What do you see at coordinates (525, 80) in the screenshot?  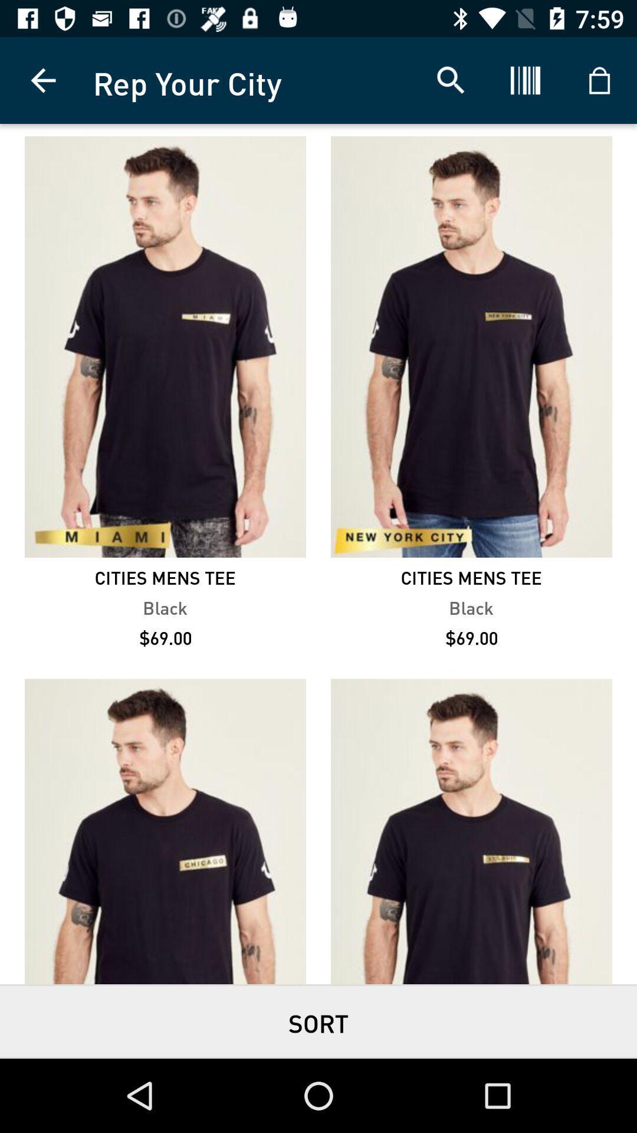 I see `the text icon which is right side of search bar` at bounding box center [525, 80].